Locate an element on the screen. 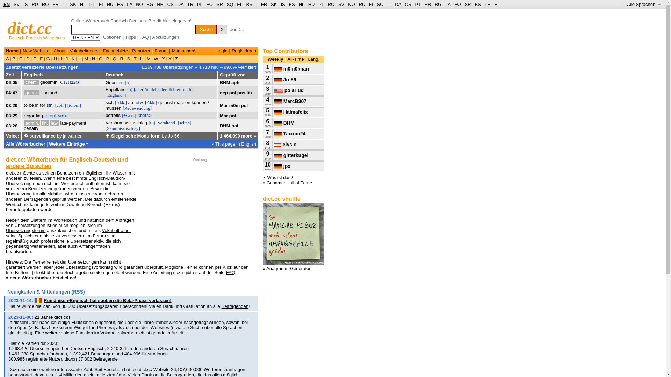  'dep' is located at coordinates (224, 92).